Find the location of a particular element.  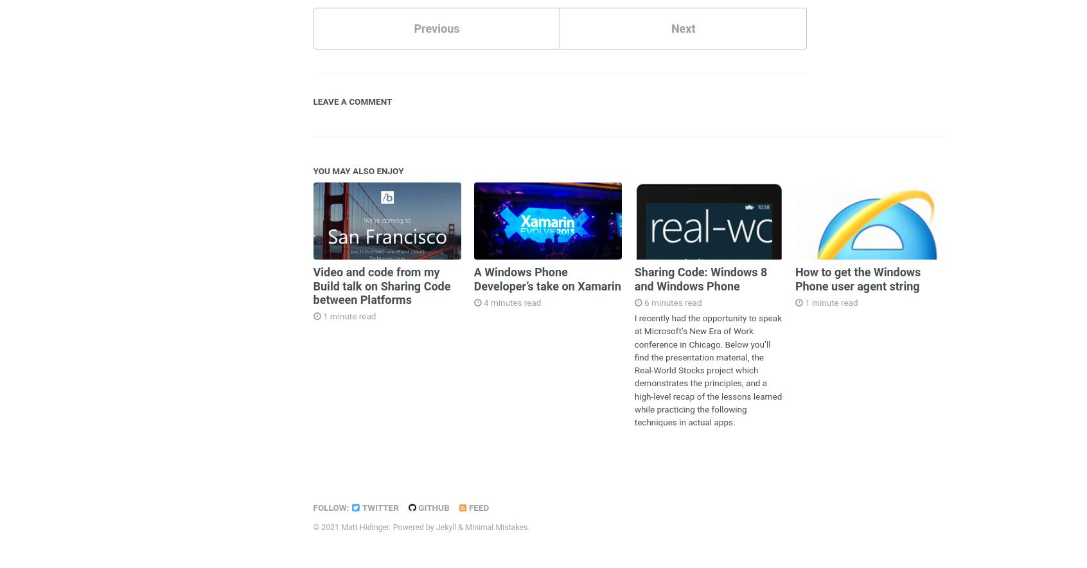

'&' is located at coordinates (460, 526).